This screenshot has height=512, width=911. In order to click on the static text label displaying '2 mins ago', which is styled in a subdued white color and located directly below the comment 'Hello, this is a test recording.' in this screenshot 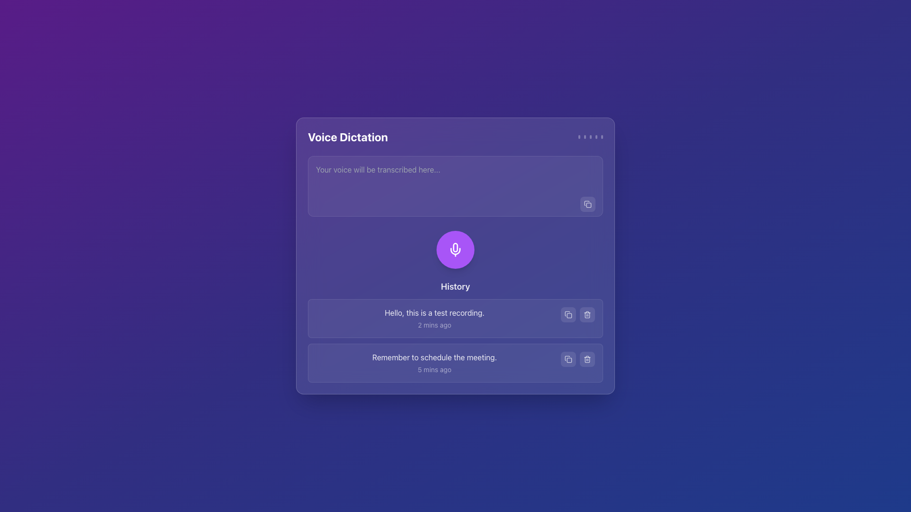, I will do `click(434, 325)`.